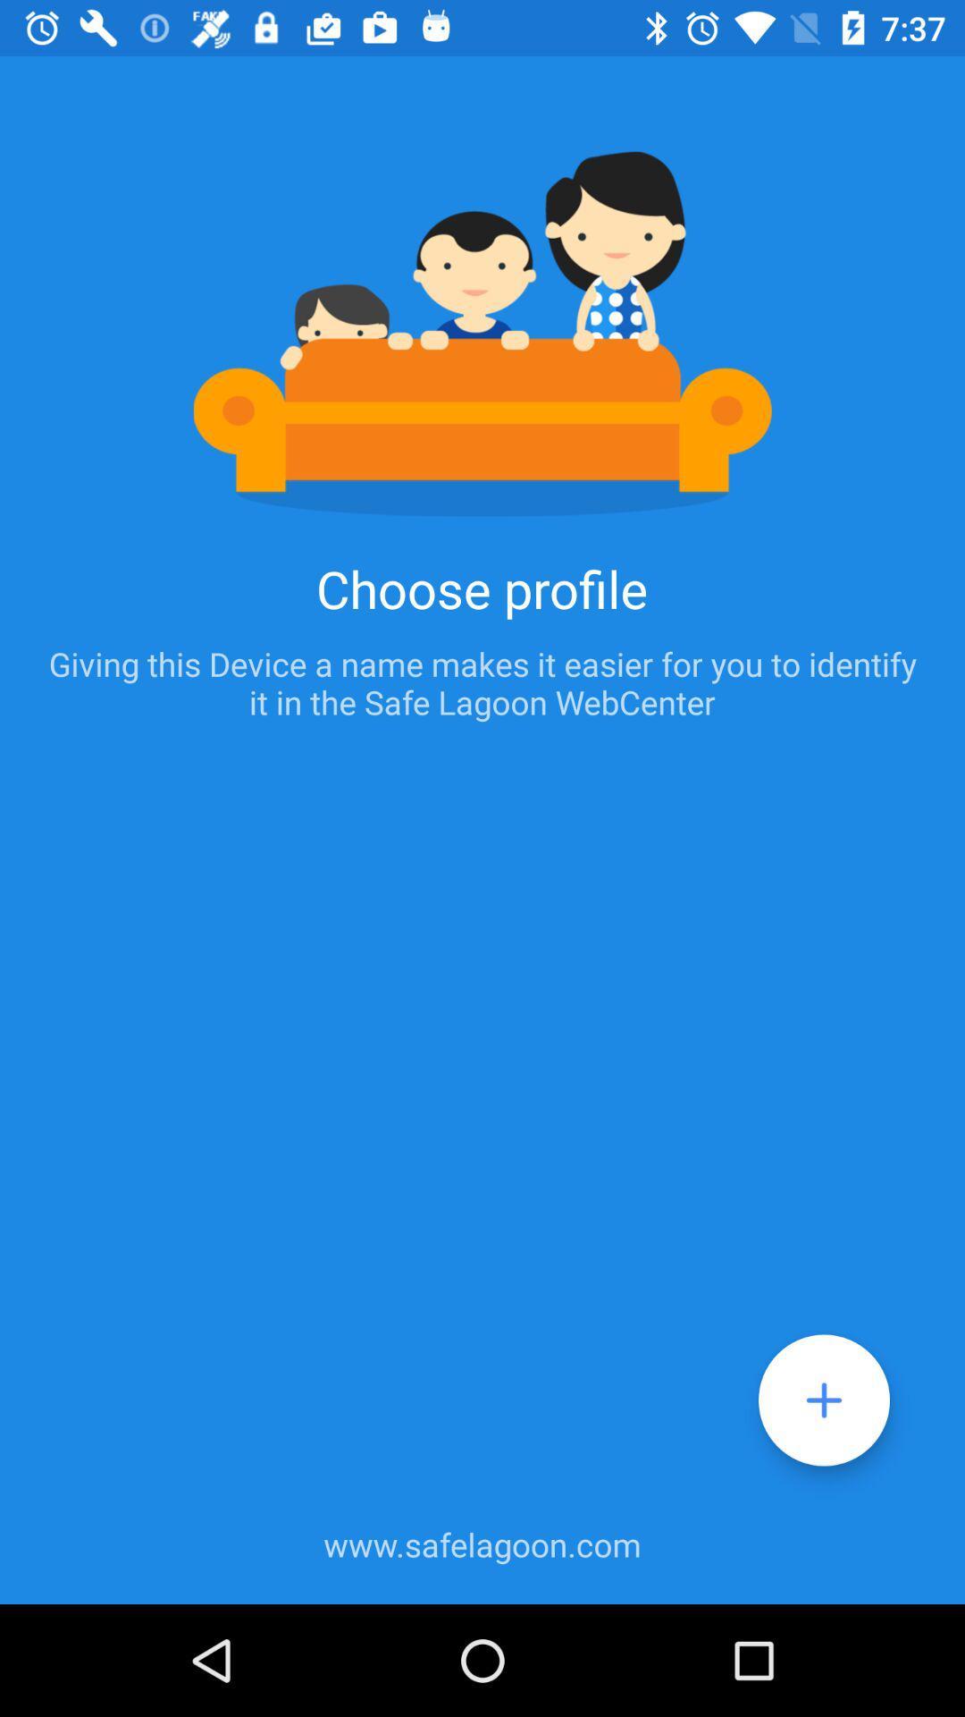  What do you see at coordinates (824, 1399) in the screenshot?
I see `give device a name` at bounding box center [824, 1399].